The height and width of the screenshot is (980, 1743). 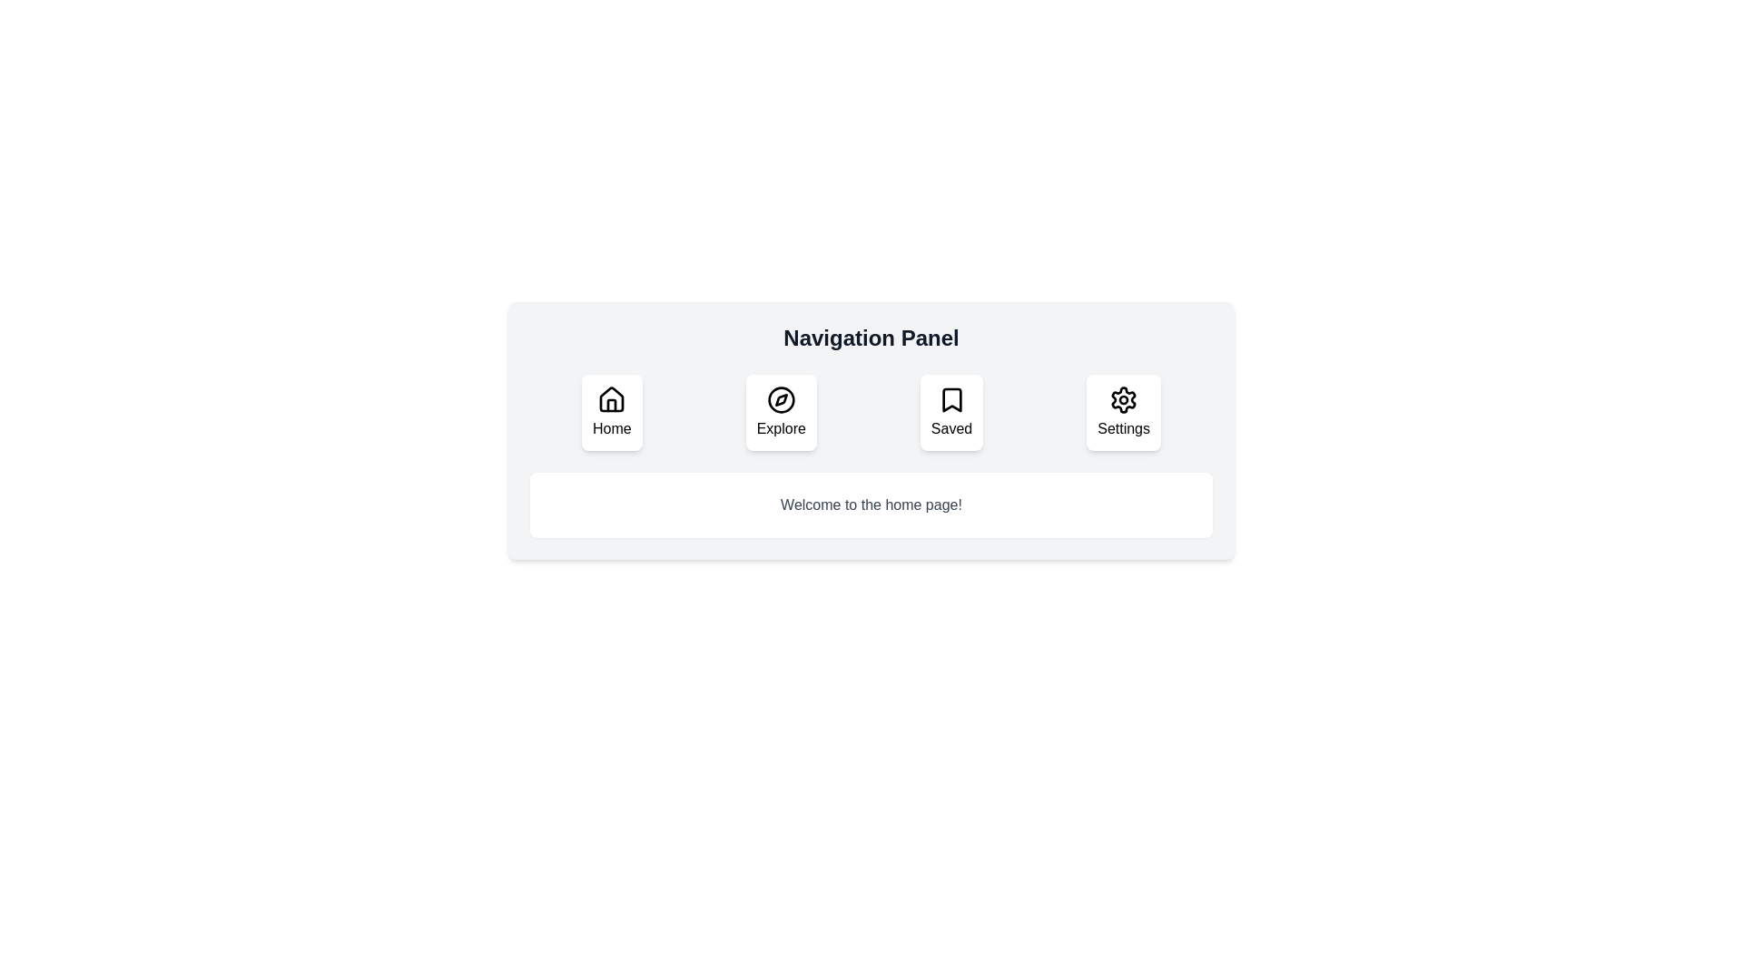 What do you see at coordinates (871, 505) in the screenshot?
I see `text label that displays 'Welcome to the home page!' centered in a white background below the navigation panel` at bounding box center [871, 505].